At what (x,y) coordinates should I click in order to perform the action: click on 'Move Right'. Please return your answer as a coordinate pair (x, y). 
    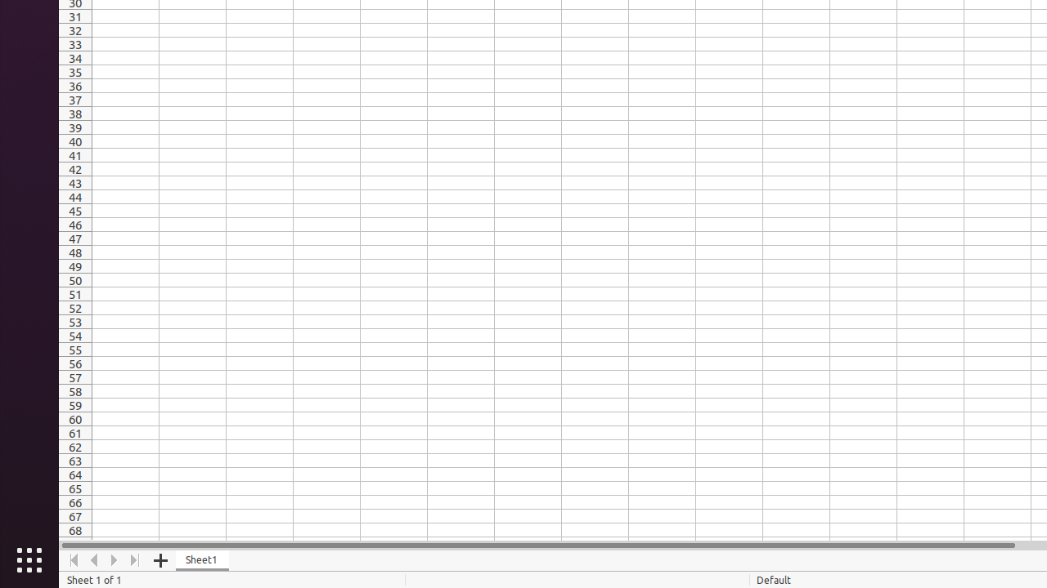
    Looking at the image, I should click on (114, 559).